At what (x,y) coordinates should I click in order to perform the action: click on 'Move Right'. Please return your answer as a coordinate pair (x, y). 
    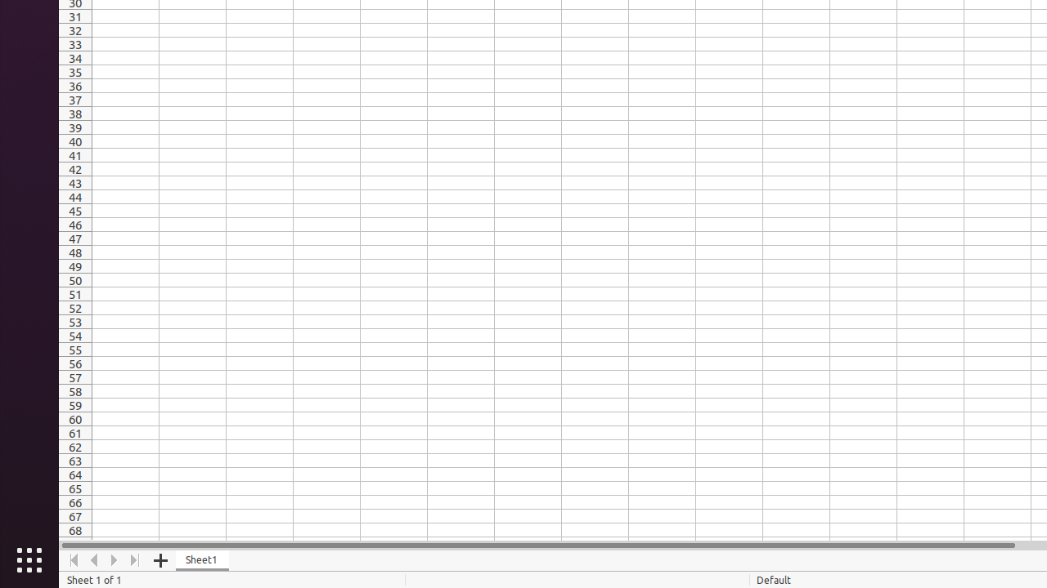
    Looking at the image, I should click on (114, 559).